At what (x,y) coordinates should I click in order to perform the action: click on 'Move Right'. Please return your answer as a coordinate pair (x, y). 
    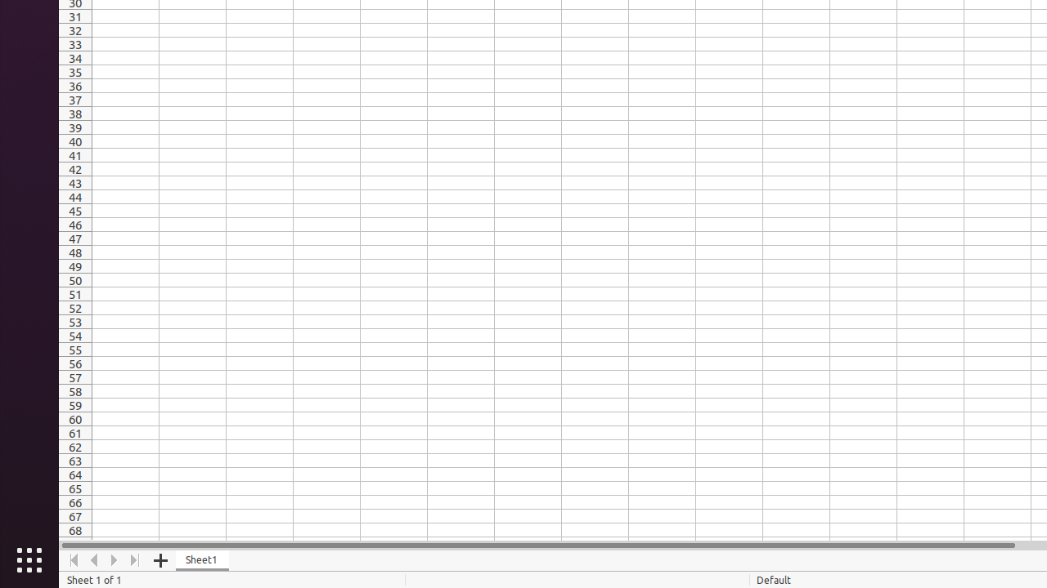
    Looking at the image, I should click on (114, 559).